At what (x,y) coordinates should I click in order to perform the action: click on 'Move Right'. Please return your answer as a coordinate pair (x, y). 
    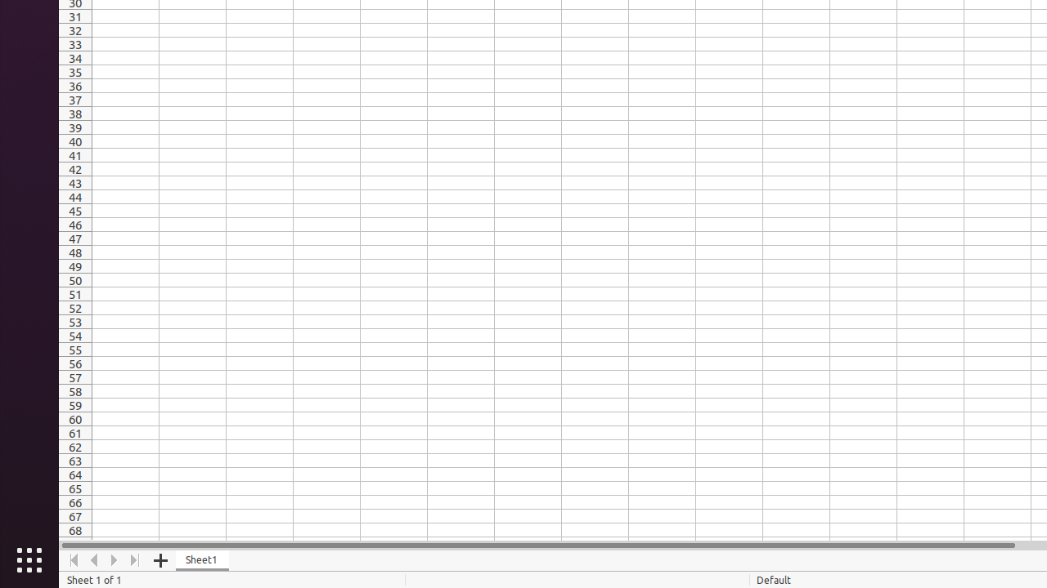
    Looking at the image, I should click on (114, 559).